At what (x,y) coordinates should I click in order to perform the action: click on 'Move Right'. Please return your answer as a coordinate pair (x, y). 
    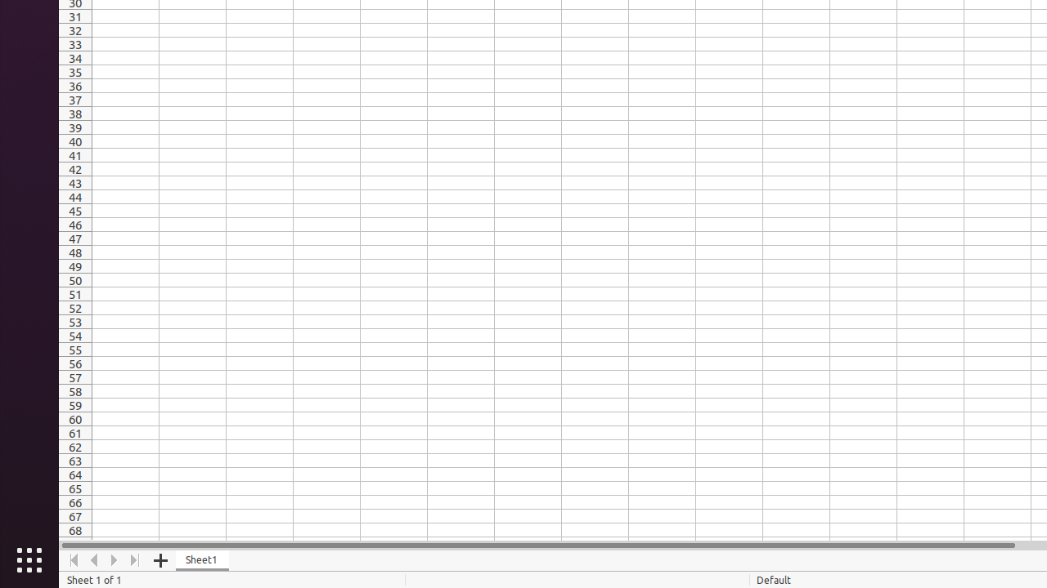
    Looking at the image, I should click on (114, 559).